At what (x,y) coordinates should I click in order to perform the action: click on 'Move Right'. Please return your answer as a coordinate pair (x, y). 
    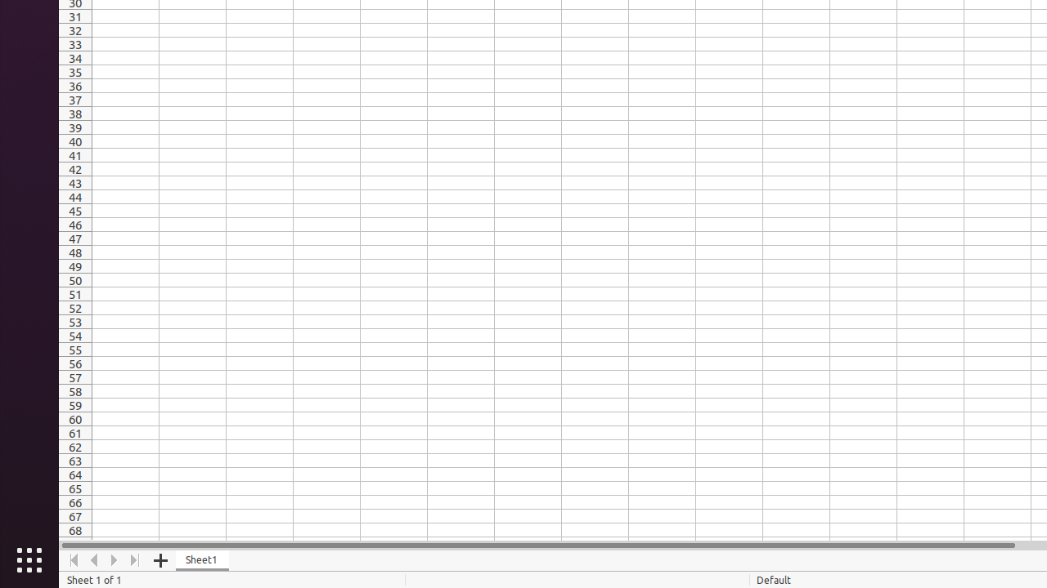
    Looking at the image, I should click on (114, 559).